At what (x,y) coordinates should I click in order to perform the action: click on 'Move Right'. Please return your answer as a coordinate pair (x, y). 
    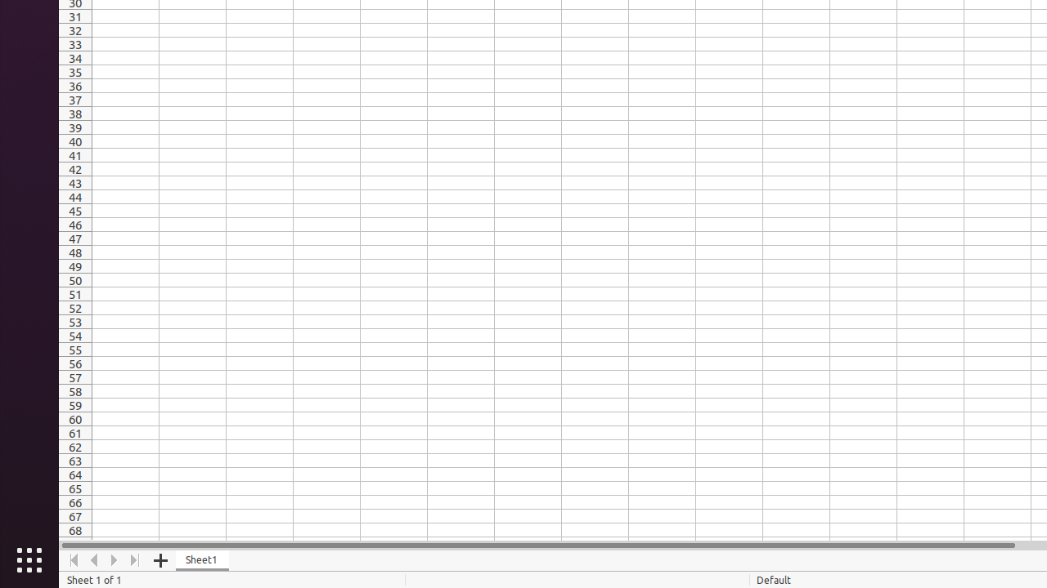
    Looking at the image, I should click on (114, 559).